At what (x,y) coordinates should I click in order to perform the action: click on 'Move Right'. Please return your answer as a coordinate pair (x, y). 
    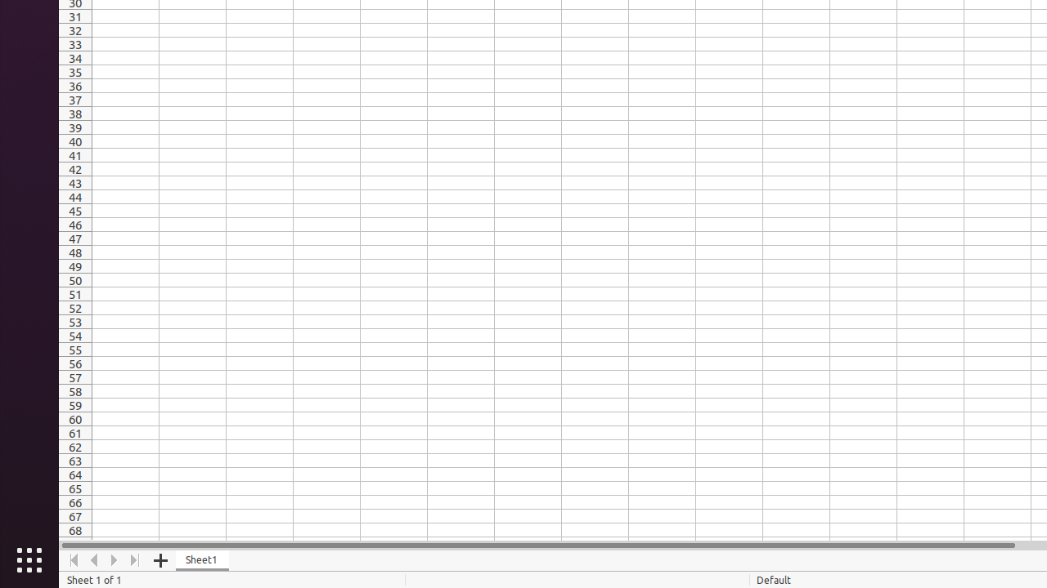
    Looking at the image, I should click on (114, 559).